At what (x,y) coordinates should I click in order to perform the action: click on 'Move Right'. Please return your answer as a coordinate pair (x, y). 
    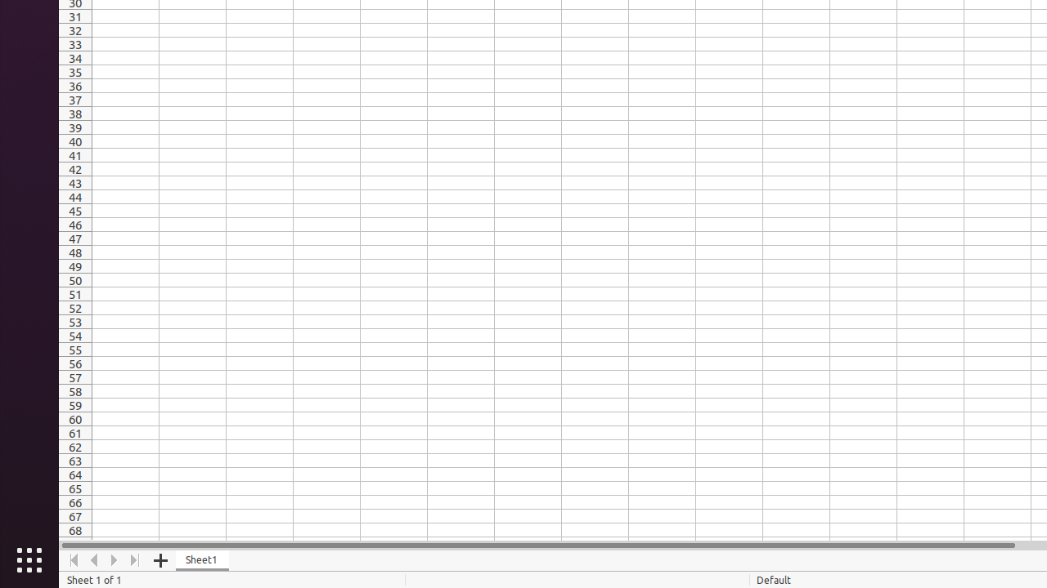
    Looking at the image, I should click on (114, 559).